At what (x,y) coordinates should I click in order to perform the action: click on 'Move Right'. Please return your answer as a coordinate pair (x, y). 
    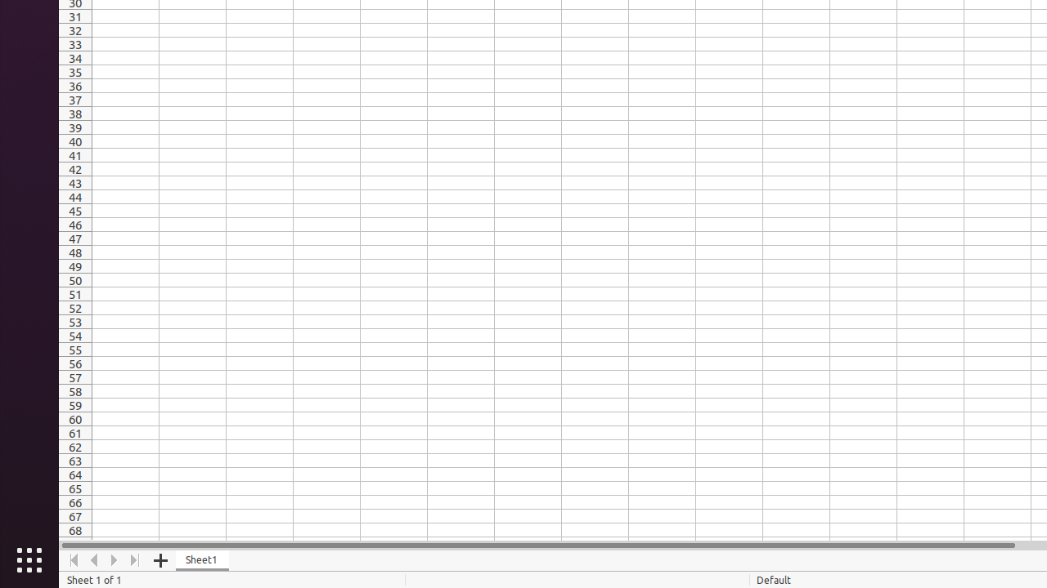
    Looking at the image, I should click on (114, 559).